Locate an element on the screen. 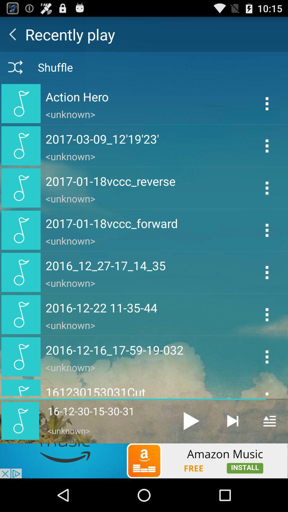 The image size is (288, 512). unknown music file 16-12-30-15-30-31 is located at coordinates (191, 421).